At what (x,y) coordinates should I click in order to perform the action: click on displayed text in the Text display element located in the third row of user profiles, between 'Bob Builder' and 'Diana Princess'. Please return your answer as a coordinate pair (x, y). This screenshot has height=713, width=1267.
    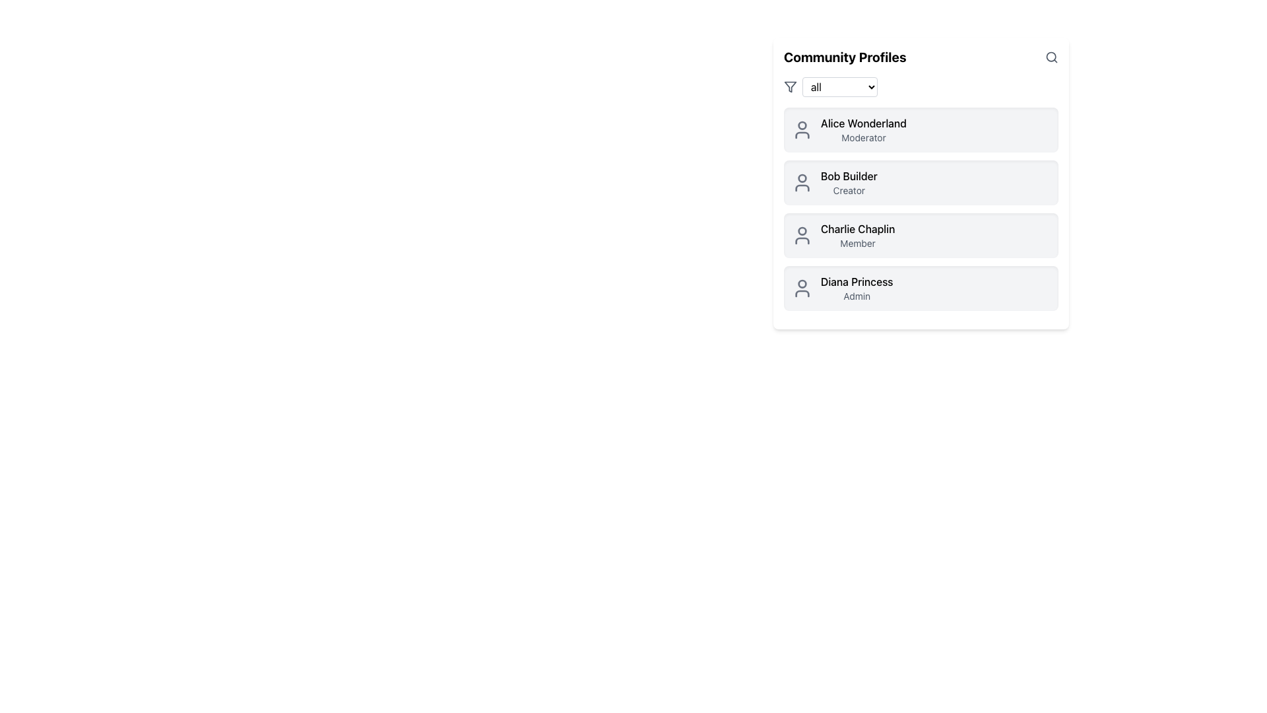
    Looking at the image, I should click on (858, 235).